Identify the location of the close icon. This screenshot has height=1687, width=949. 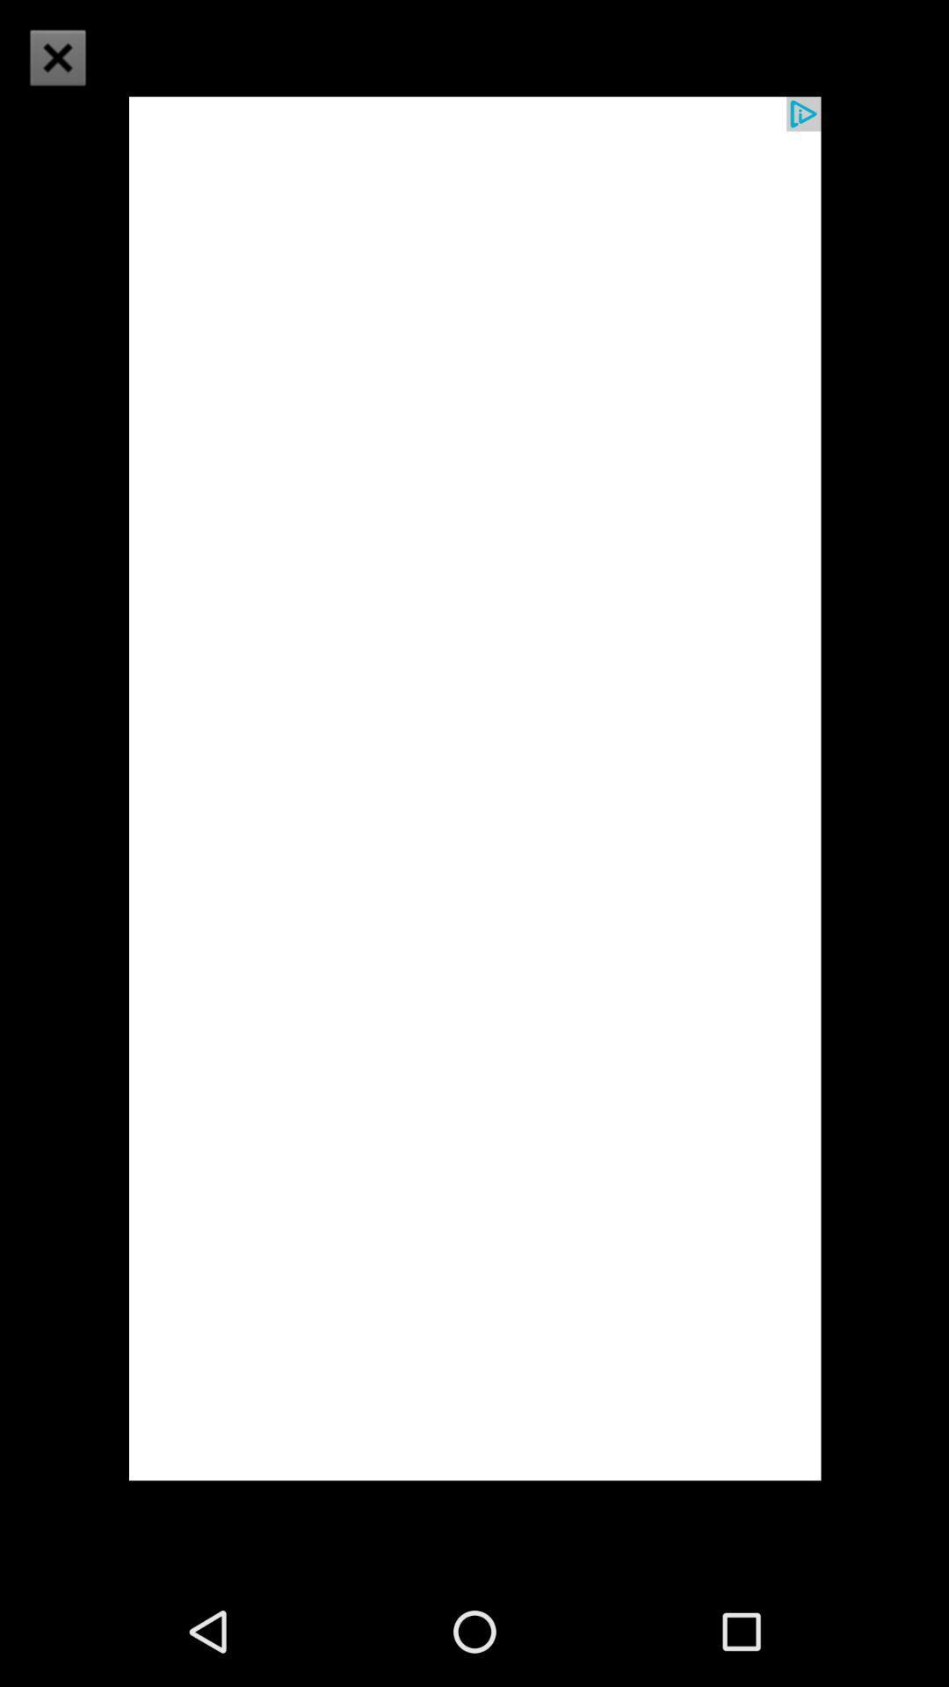
(68, 73).